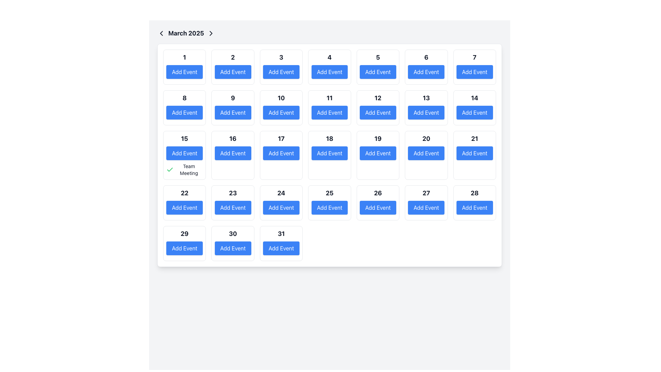 This screenshot has width=661, height=372. What do you see at coordinates (474, 72) in the screenshot?
I see `the button located under the heading '7' in the calendar grid` at bounding box center [474, 72].